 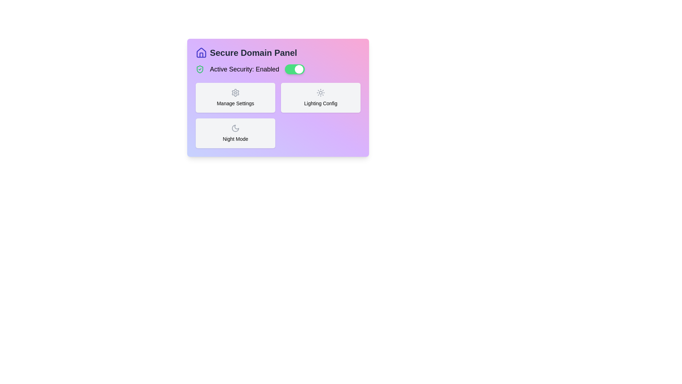 I want to click on the security status icon located to the left of the 'Active Security: Enabled' label in the 'Secure Domain Panel', so click(x=199, y=69).